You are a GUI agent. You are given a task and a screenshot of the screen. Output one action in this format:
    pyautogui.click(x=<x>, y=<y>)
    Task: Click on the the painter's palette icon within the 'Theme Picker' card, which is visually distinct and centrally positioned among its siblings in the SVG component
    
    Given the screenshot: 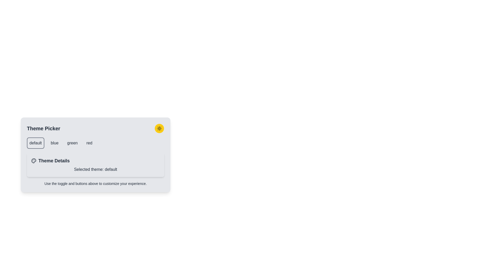 What is the action you would take?
    pyautogui.click(x=34, y=161)
    